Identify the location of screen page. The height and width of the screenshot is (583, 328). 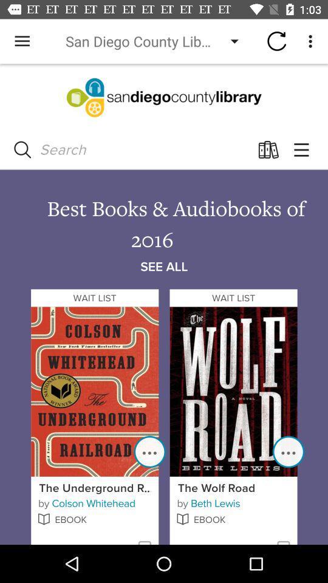
(164, 304).